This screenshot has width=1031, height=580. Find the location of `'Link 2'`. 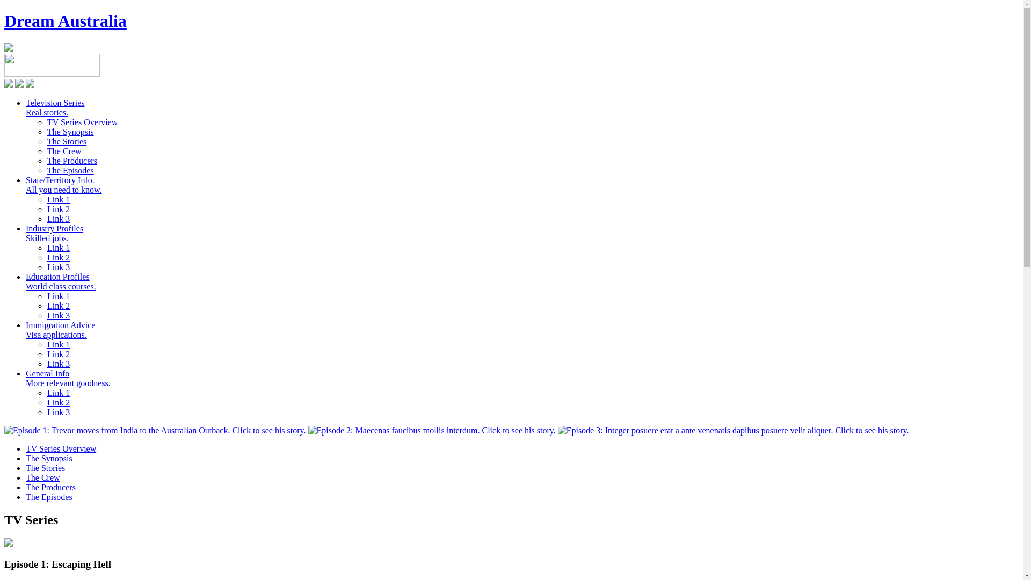

'Link 2' is located at coordinates (58, 209).